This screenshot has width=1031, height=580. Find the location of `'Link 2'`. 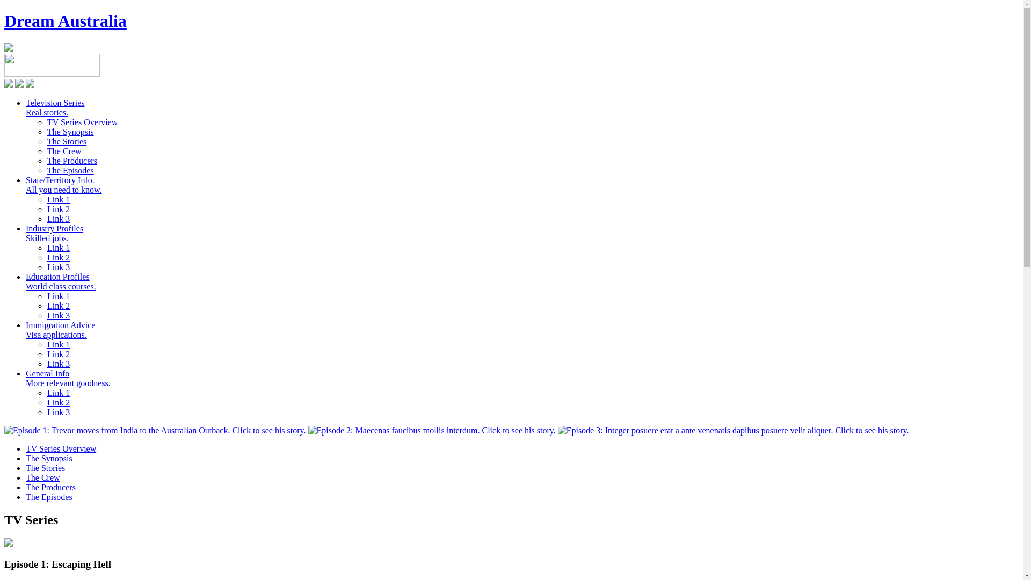

'Link 2' is located at coordinates (58, 209).